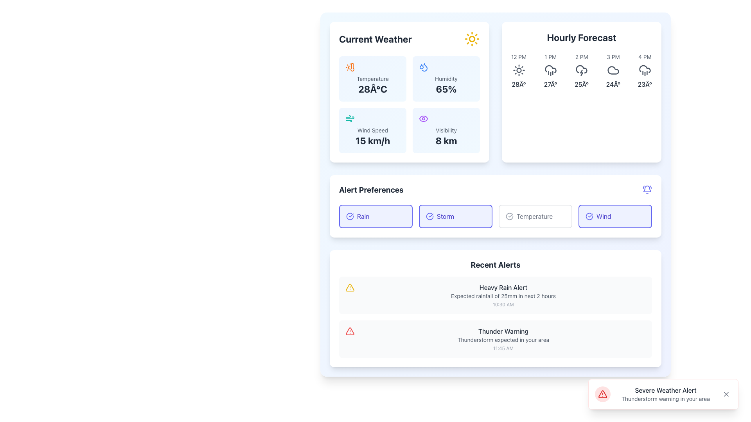 The image size is (751, 422). I want to click on the circular icon with a check mark in the center, styled with a blue stroke color, located within the 'Wind' preference button in the 'Alert Preferences' section, so click(589, 216).